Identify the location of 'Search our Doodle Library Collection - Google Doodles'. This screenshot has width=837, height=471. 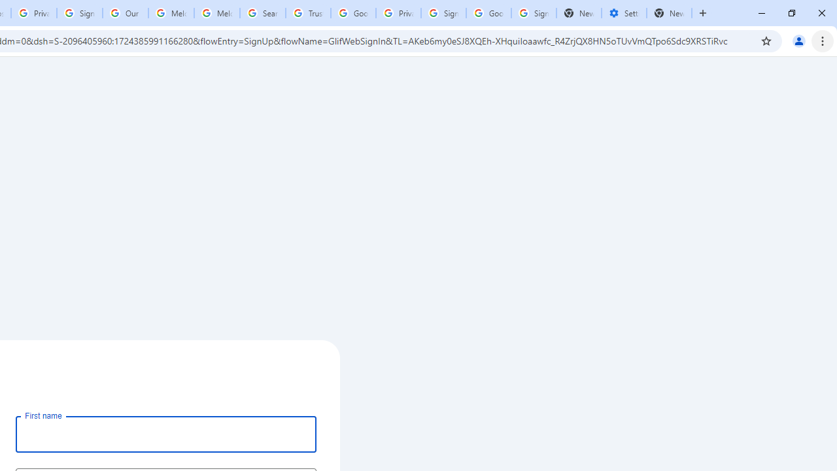
(262, 13).